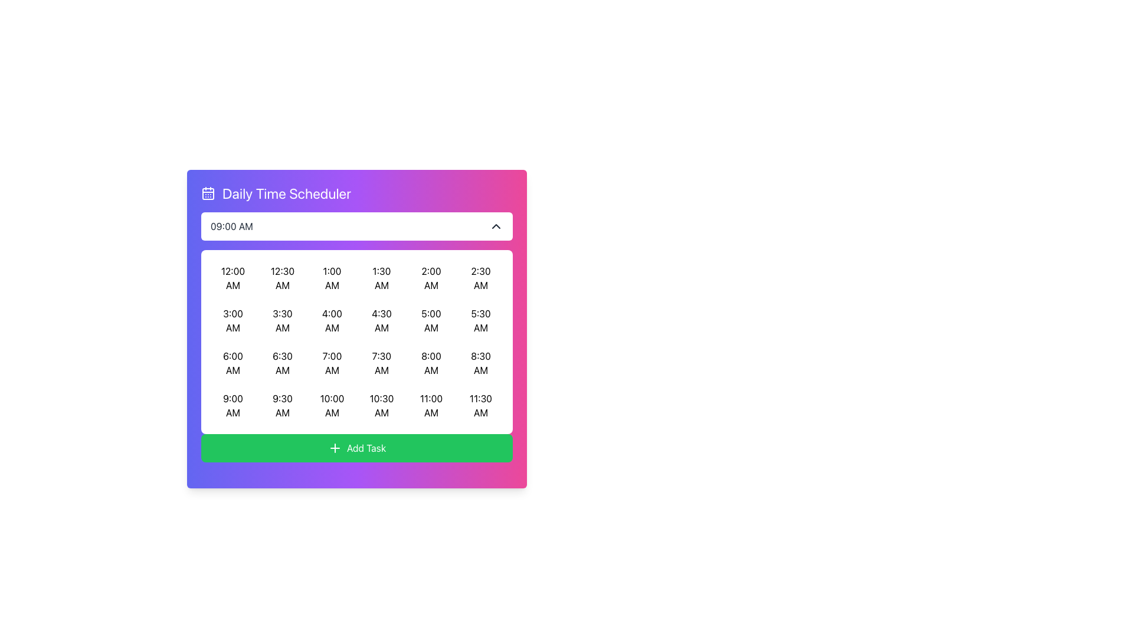 This screenshot has height=637, width=1133. I want to click on the rectangular button labeled '11:00 AM', so click(430, 405).